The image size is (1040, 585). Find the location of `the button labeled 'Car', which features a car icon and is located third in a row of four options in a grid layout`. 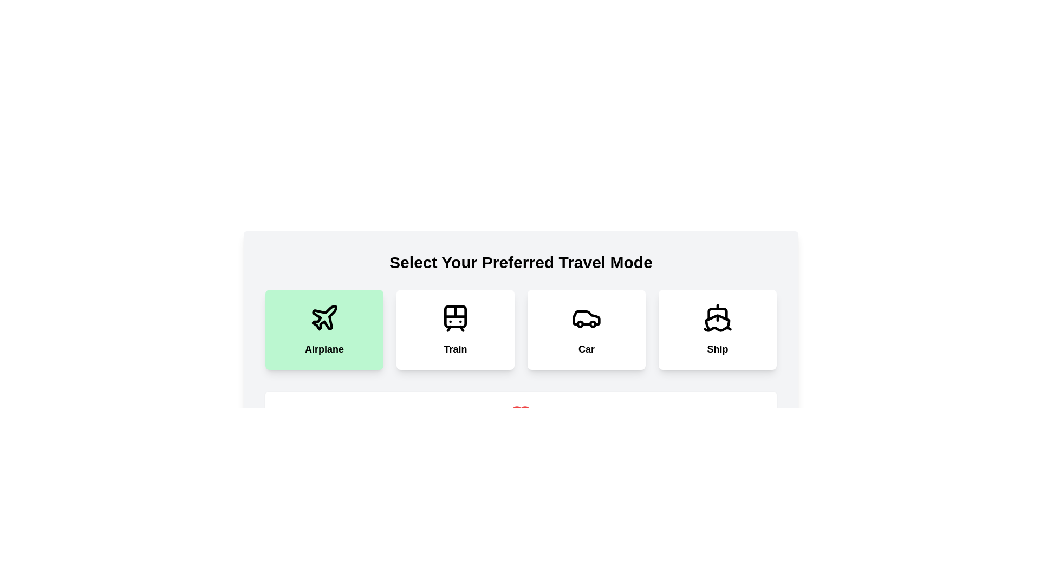

the button labeled 'Car', which features a car icon and is located third in a row of four options in a grid layout is located at coordinates (586, 329).